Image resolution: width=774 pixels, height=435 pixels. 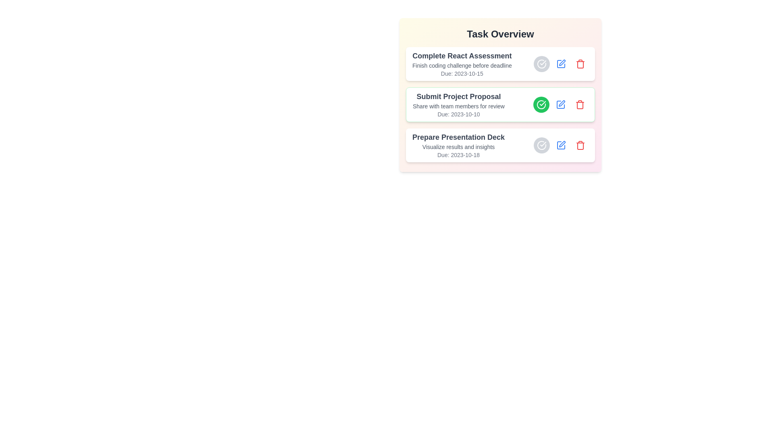 I want to click on the check button of the task titled 'Submit Project Proposal' to toggle its completion status, so click(x=541, y=104).